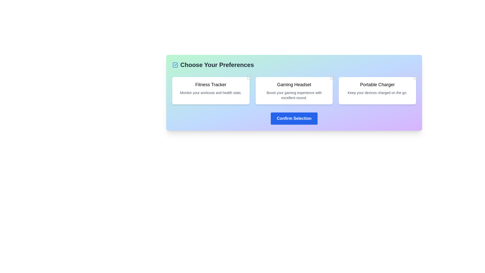 This screenshot has width=485, height=273. What do you see at coordinates (294, 84) in the screenshot?
I see `the centrally aligned header text indicating the product category in the middle card` at bounding box center [294, 84].